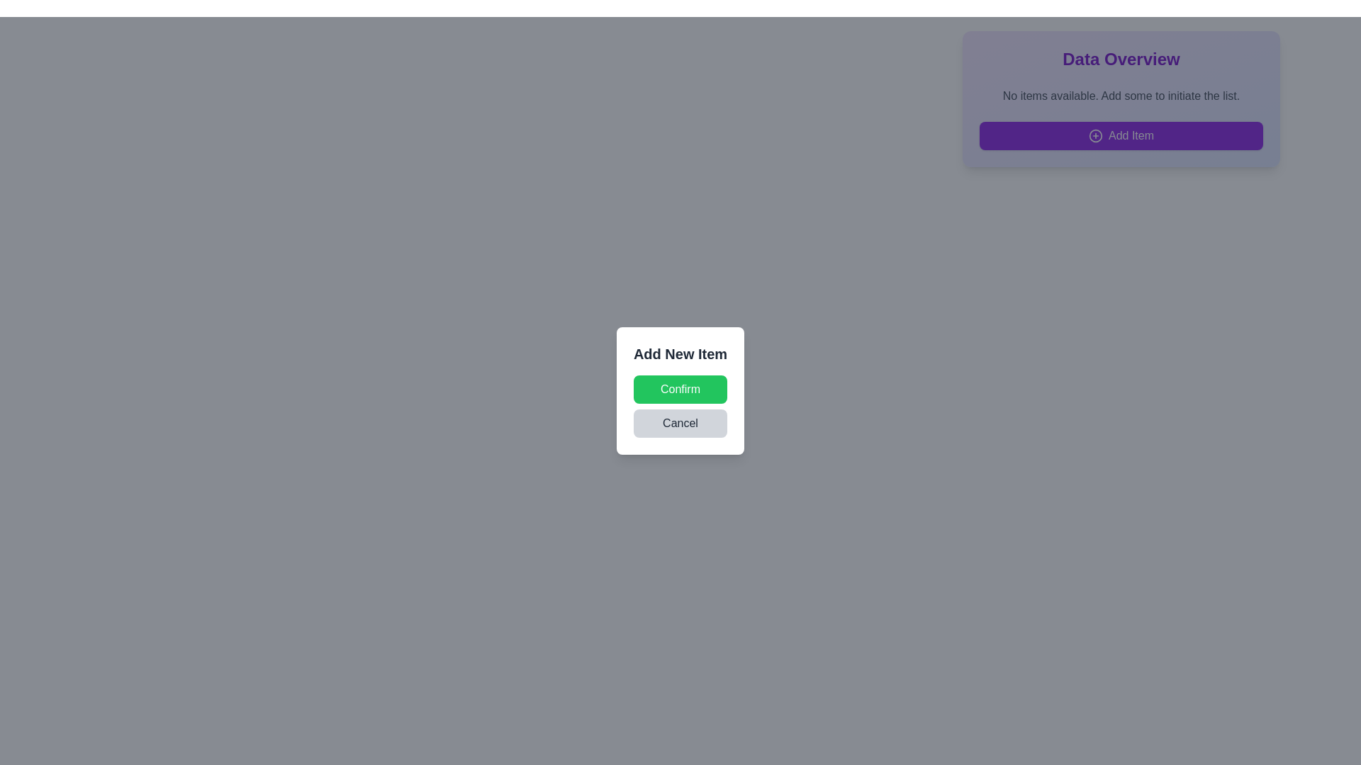 Image resolution: width=1361 pixels, height=765 pixels. What do you see at coordinates (1121, 136) in the screenshot?
I see `the 'Add Item' button with a purple background and white text` at bounding box center [1121, 136].